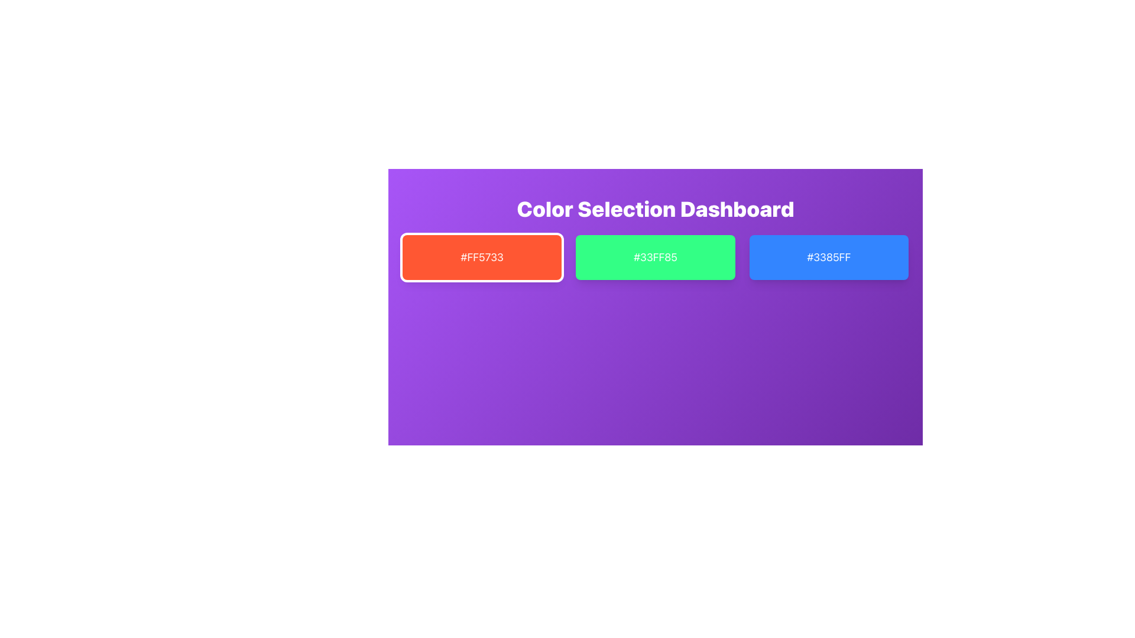 This screenshot has height=638, width=1135. I want to click on the blue button displaying '#3385FF', so click(828, 256).